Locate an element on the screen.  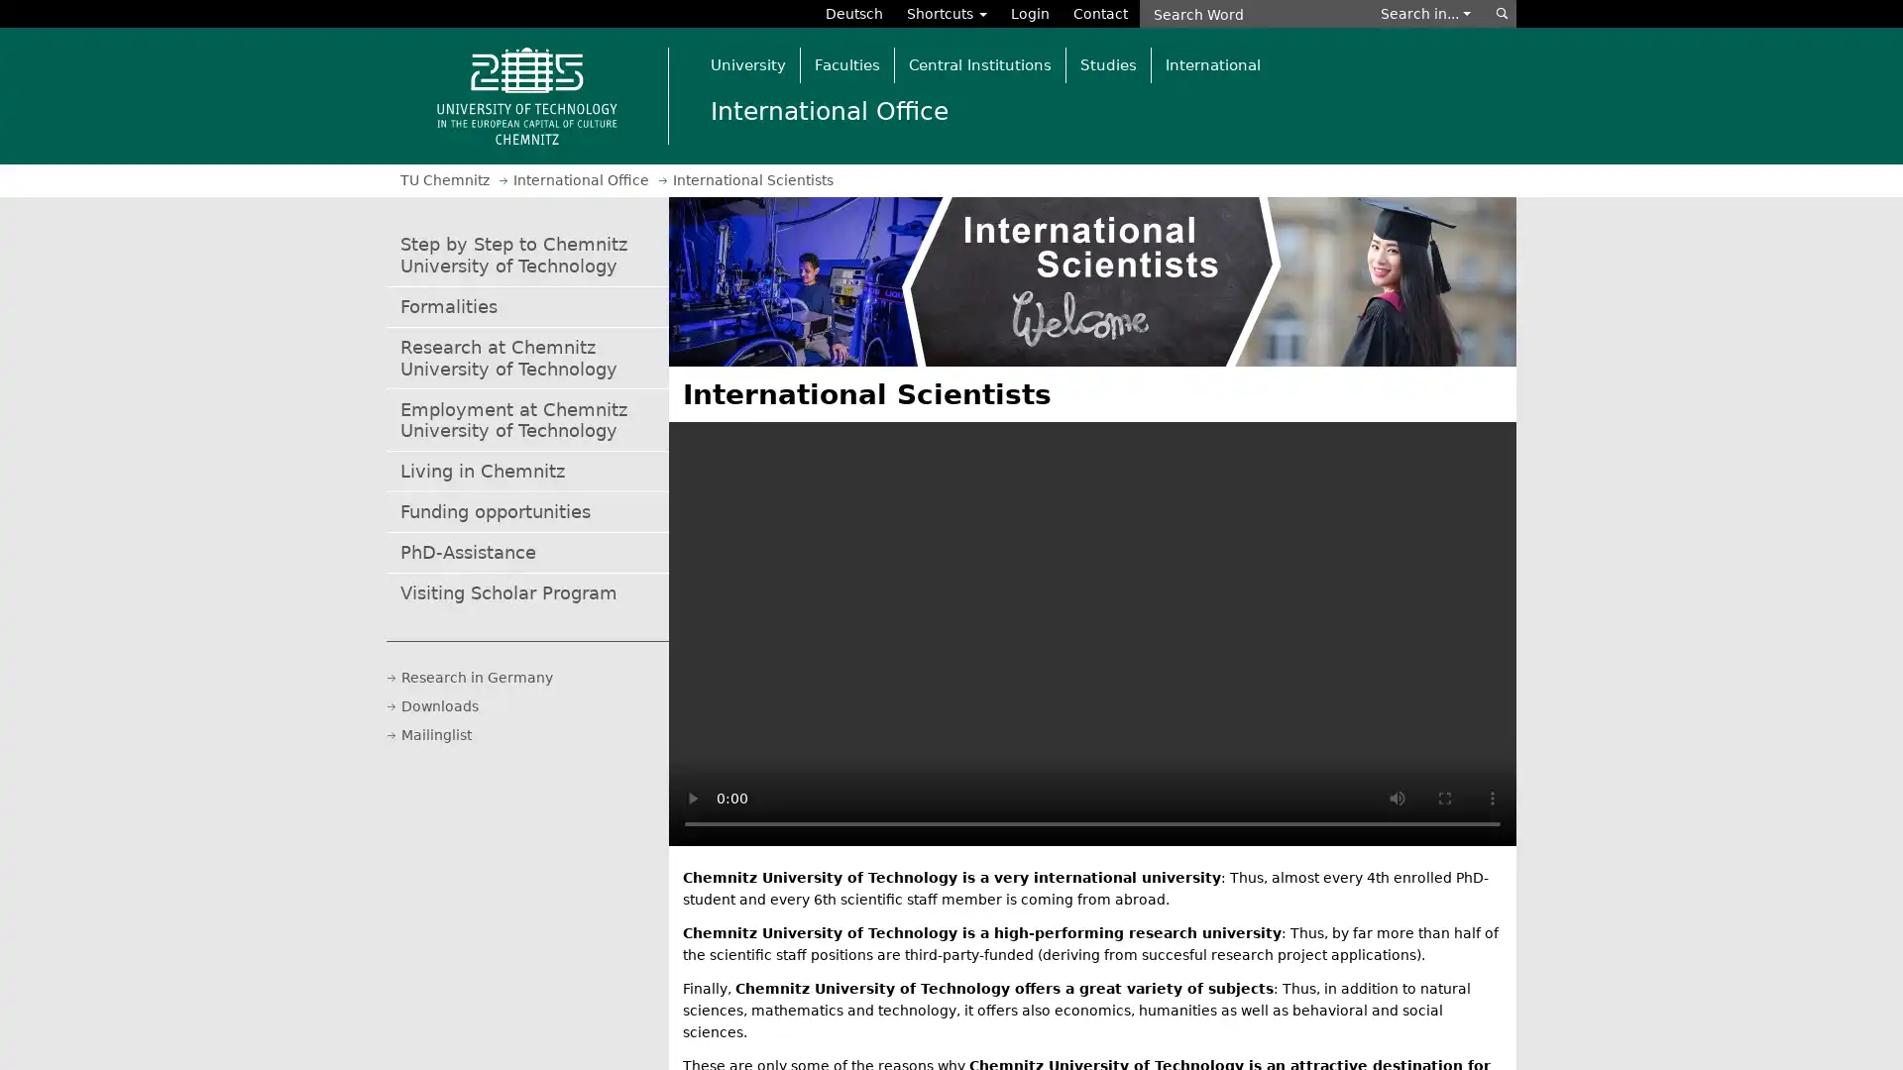
show more media controls is located at coordinates (1493, 797).